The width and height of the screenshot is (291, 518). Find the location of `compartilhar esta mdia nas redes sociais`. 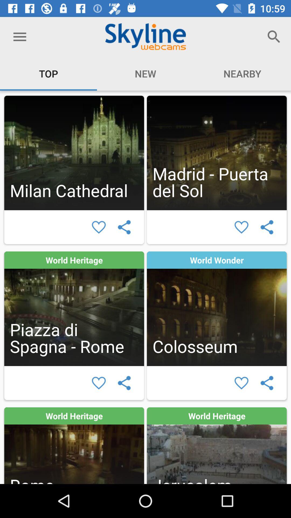

compartilhar esta mdia nas redes sociais is located at coordinates (267, 383).